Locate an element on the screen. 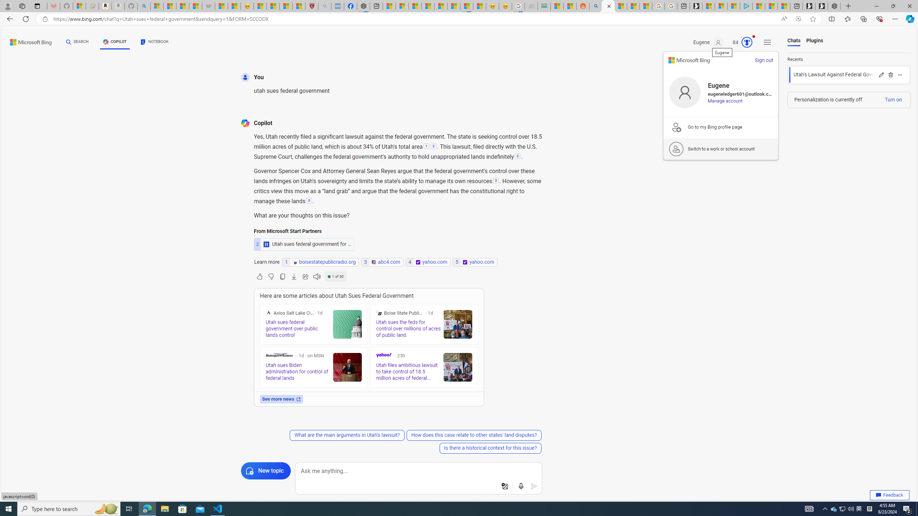 This screenshot has width=918, height=516. 'How does this case relate to other states' is located at coordinates (474, 435).